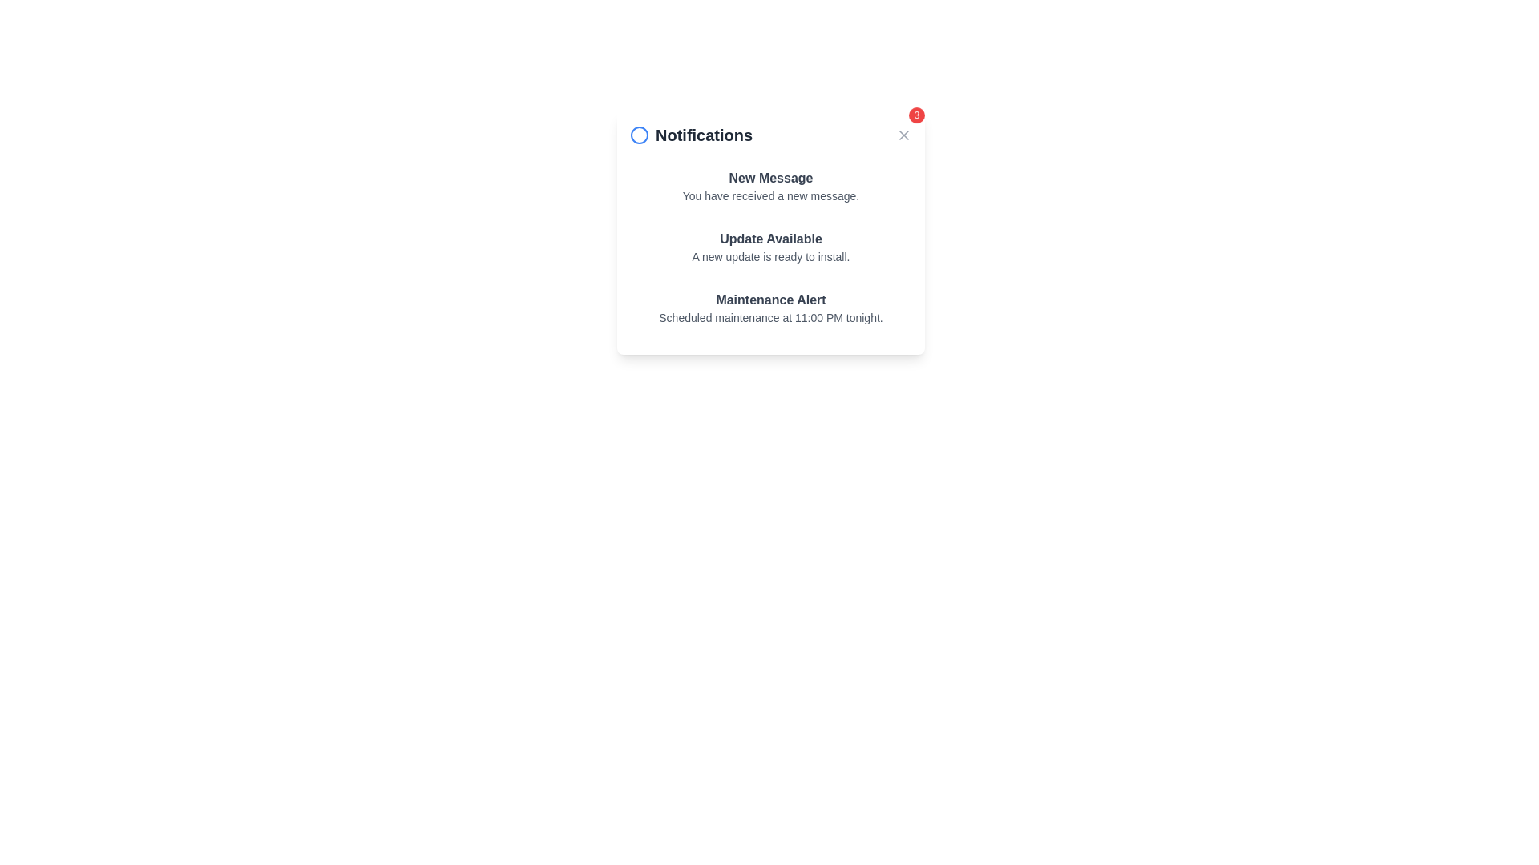 Image resolution: width=1539 pixels, height=865 pixels. I want to click on notification count displayed on the small circular red badge with the number '3' in white text, located at the top-right corner of the notification panel, so click(916, 116).